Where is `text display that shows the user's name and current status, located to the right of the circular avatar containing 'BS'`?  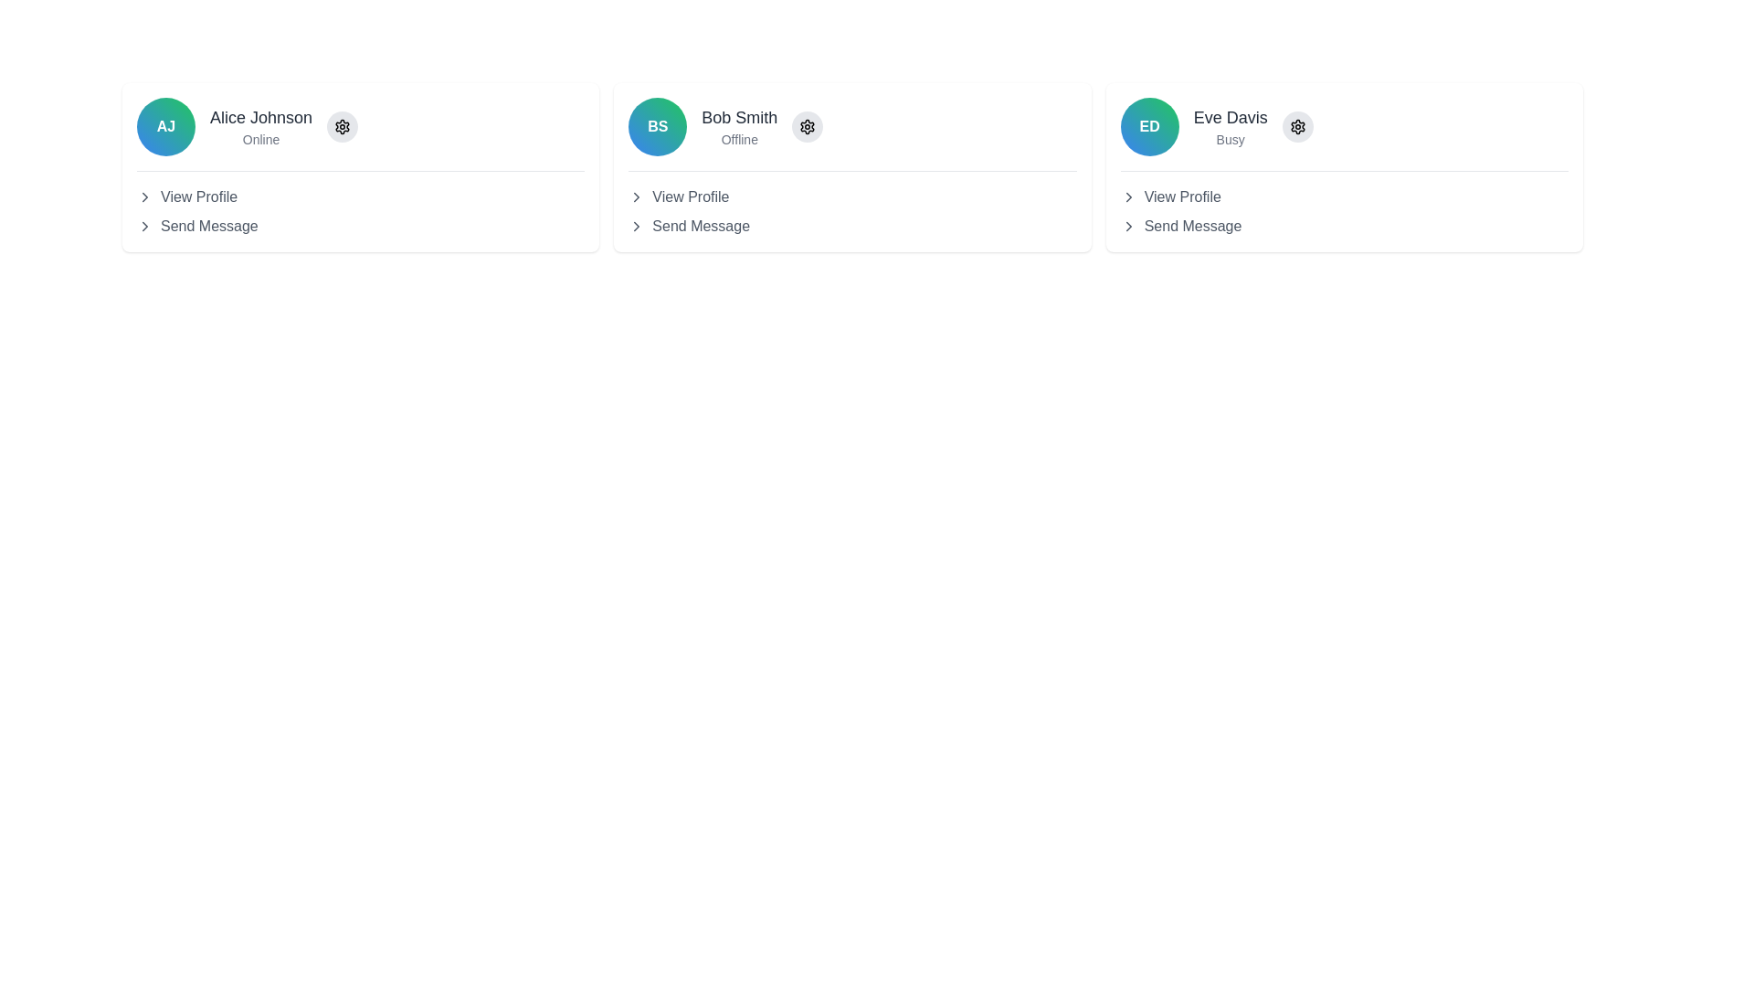
text display that shows the user's name and current status, located to the right of the circular avatar containing 'BS' is located at coordinates (739, 125).